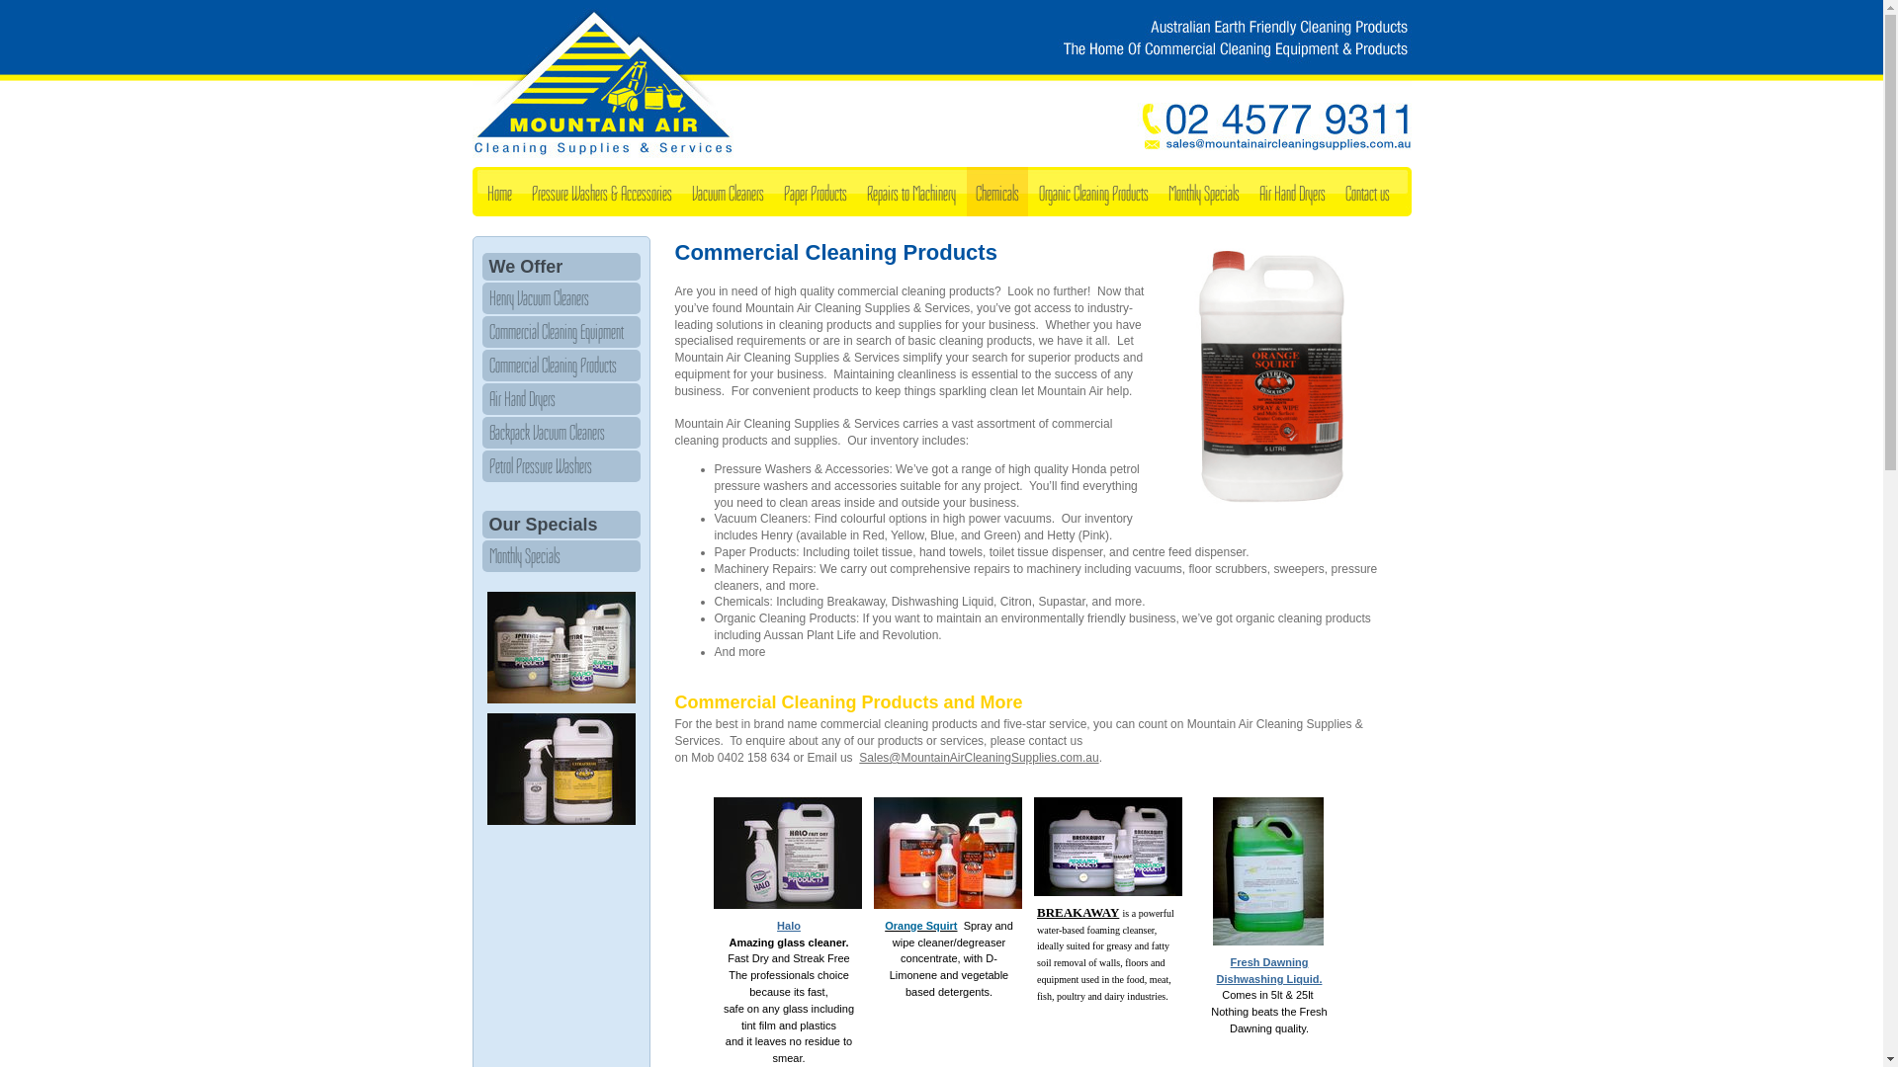 The width and height of the screenshot is (1898, 1067). Describe the element at coordinates (773, 191) in the screenshot. I see `'Paper Products'` at that location.